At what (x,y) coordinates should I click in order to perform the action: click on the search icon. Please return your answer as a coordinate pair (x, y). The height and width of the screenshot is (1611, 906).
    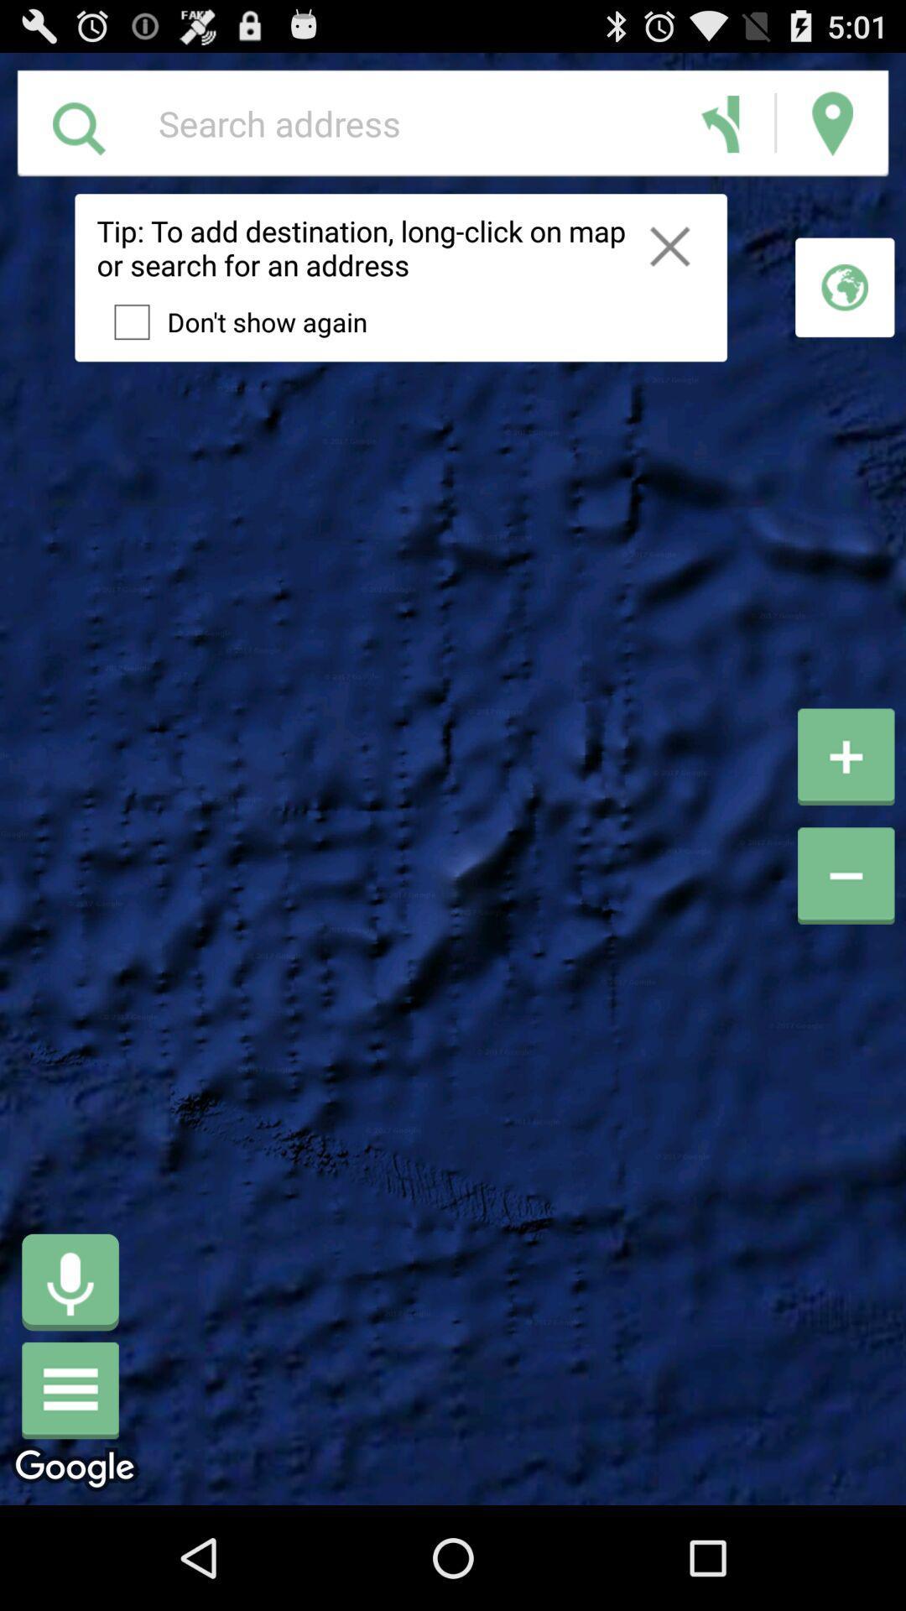
    Looking at the image, I should click on (79, 131).